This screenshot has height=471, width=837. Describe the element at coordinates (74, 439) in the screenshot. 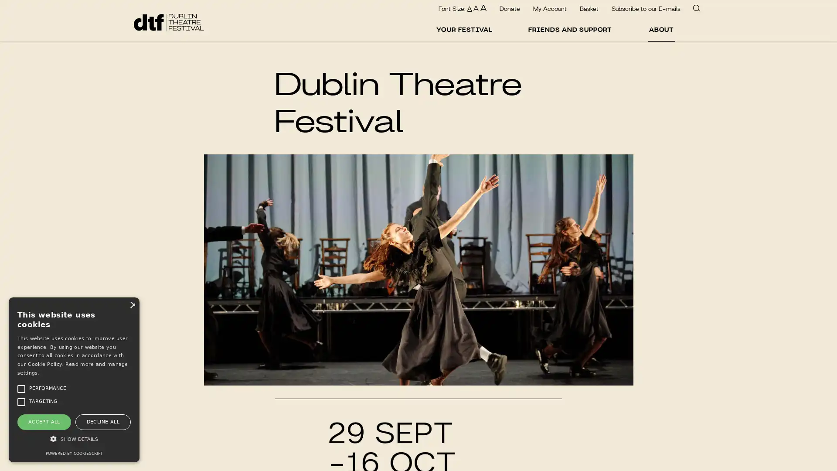

I see `SHOW DETAILS` at that location.